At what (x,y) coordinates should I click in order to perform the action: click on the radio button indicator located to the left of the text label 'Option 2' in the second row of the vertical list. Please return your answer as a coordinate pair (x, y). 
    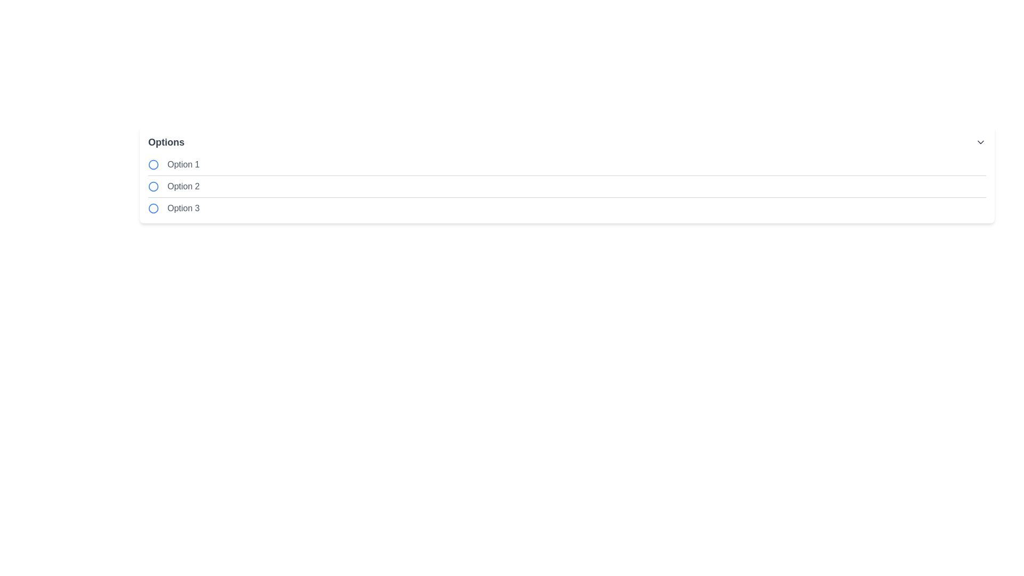
    Looking at the image, I should click on (153, 186).